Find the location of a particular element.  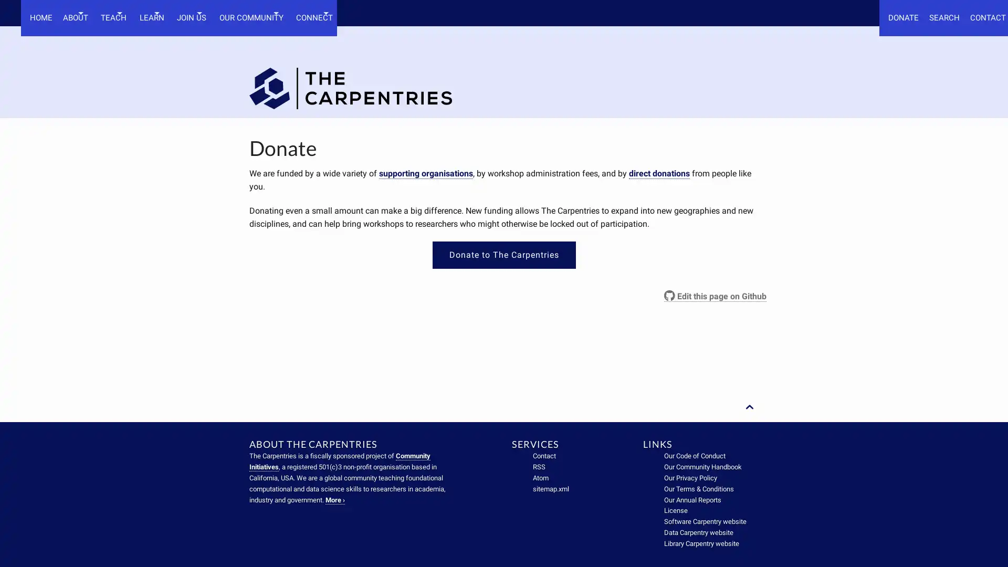

Donate to The Carpentries is located at coordinates (503, 255).